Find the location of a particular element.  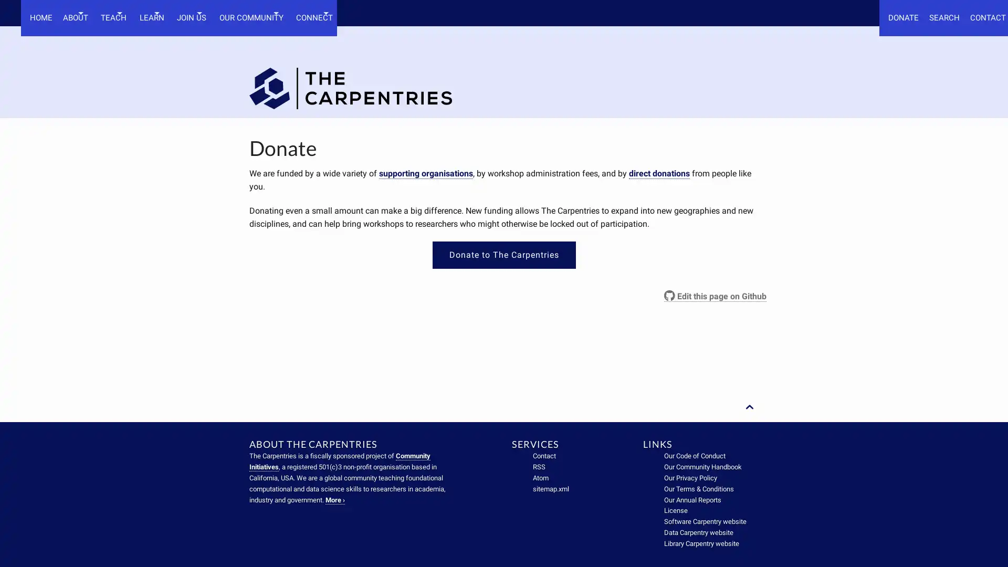

Donate to The Carpentries is located at coordinates (503, 255).